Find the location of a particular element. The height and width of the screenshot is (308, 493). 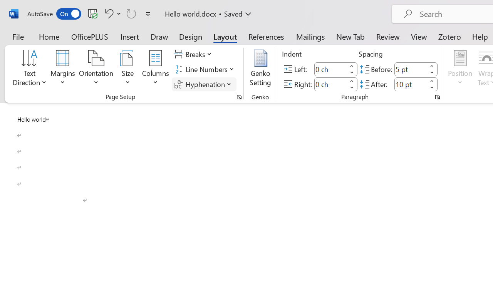

'Customize Quick Access Toolbar' is located at coordinates (148, 13).